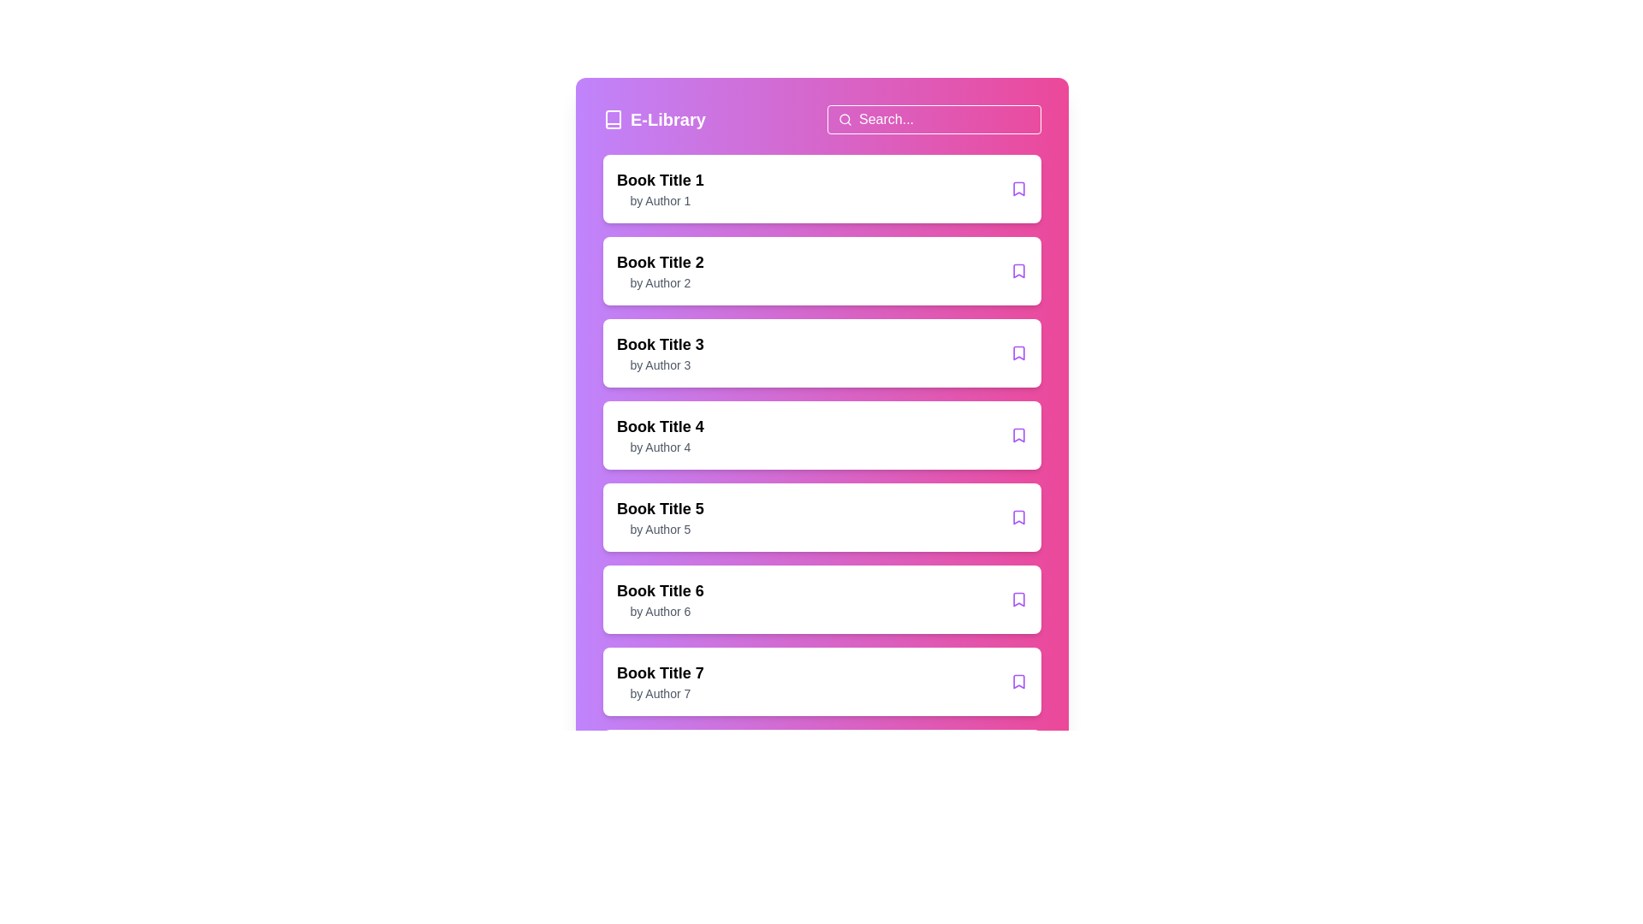  Describe the element at coordinates (659, 507) in the screenshot. I see `the text label that serves as the title of the fifth book in the list, positioned above the subtitle 'by Author 5'` at that location.